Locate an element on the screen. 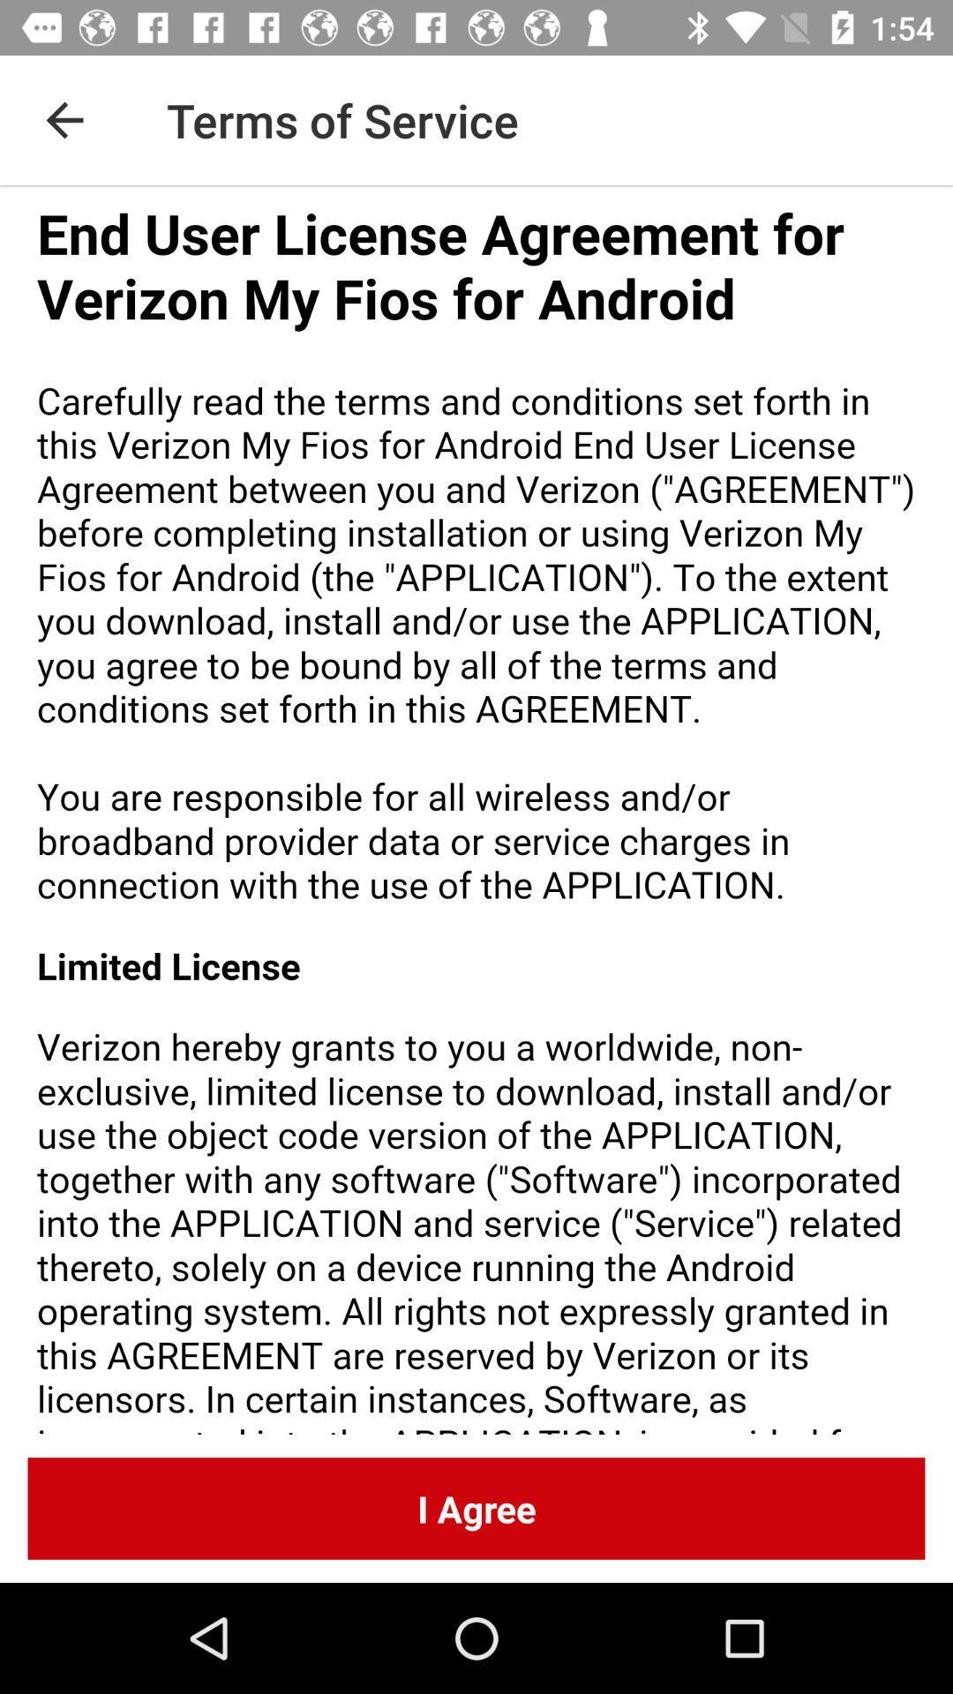 The height and width of the screenshot is (1694, 953). end user license agreement is located at coordinates (476, 808).